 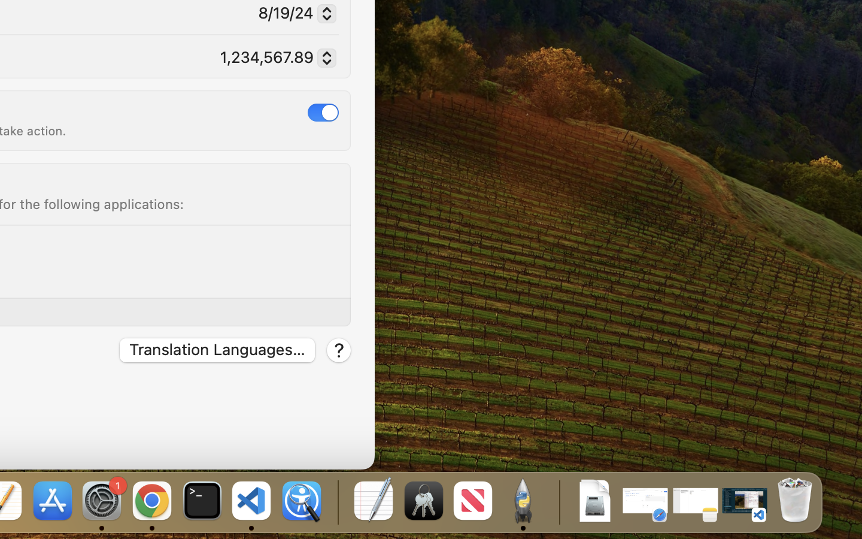 What do you see at coordinates (336, 501) in the screenshot?
I see `'0.4285714328289032'` at bounding box center [336, 501].